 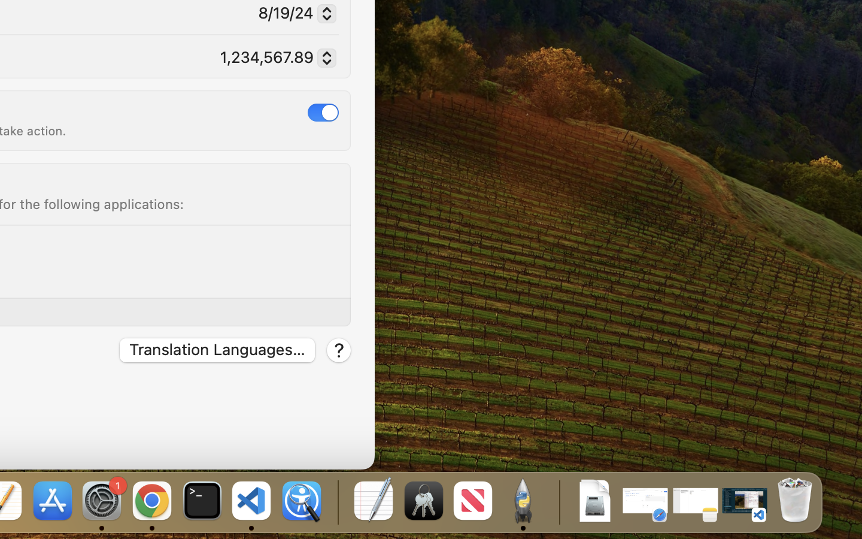 What do you see at coordinates (336, 501) in the screenshot?
I see `'0.4285714328289032'` at bounding box center [336, 501].